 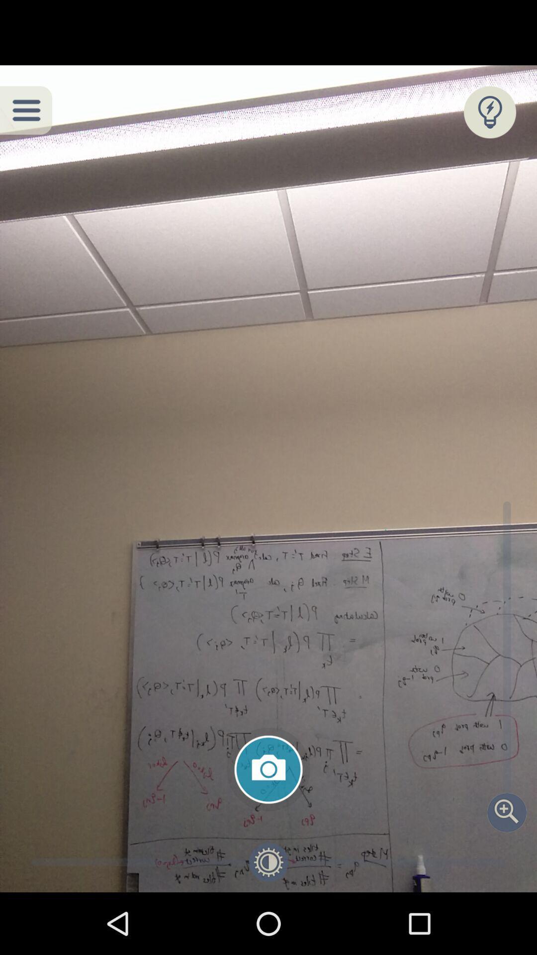 I want to click on option/ details icon, so click(x=25, y=110).